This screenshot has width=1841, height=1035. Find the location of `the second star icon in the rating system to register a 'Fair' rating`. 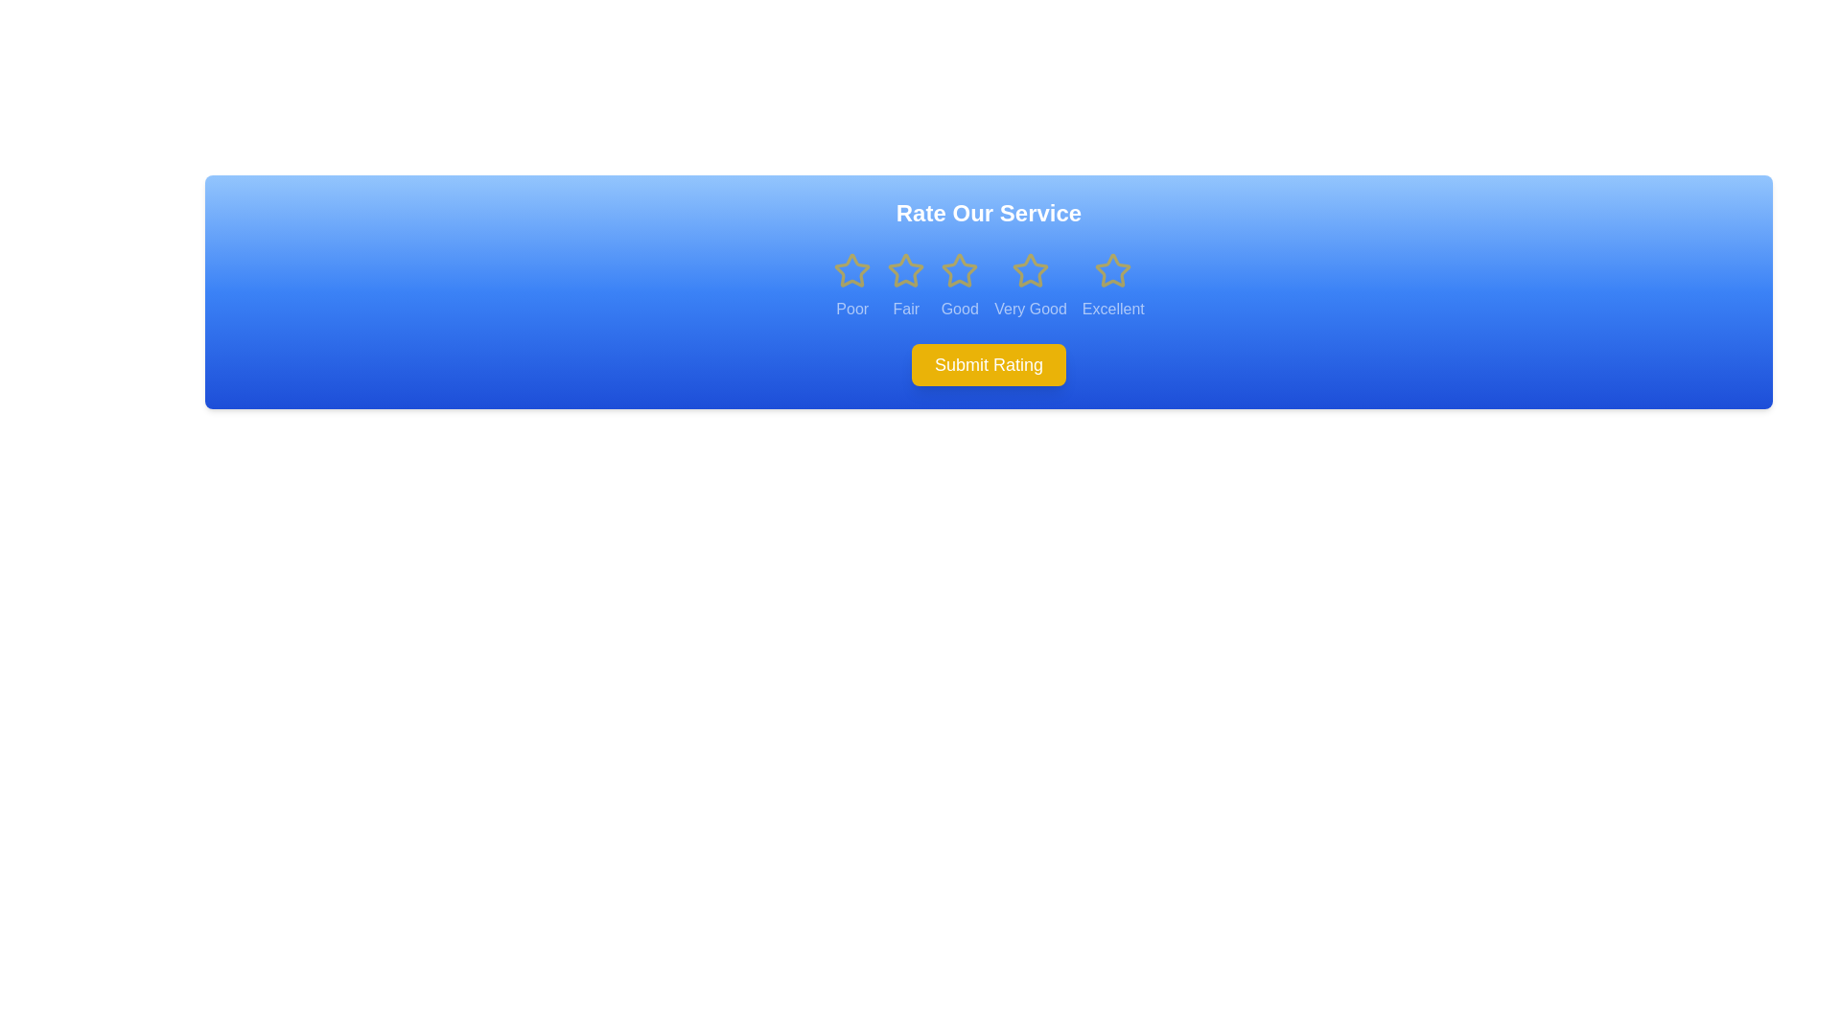

the second star icon in the rating system to register a 'Fair' rating is located at coordinates (905, 270).